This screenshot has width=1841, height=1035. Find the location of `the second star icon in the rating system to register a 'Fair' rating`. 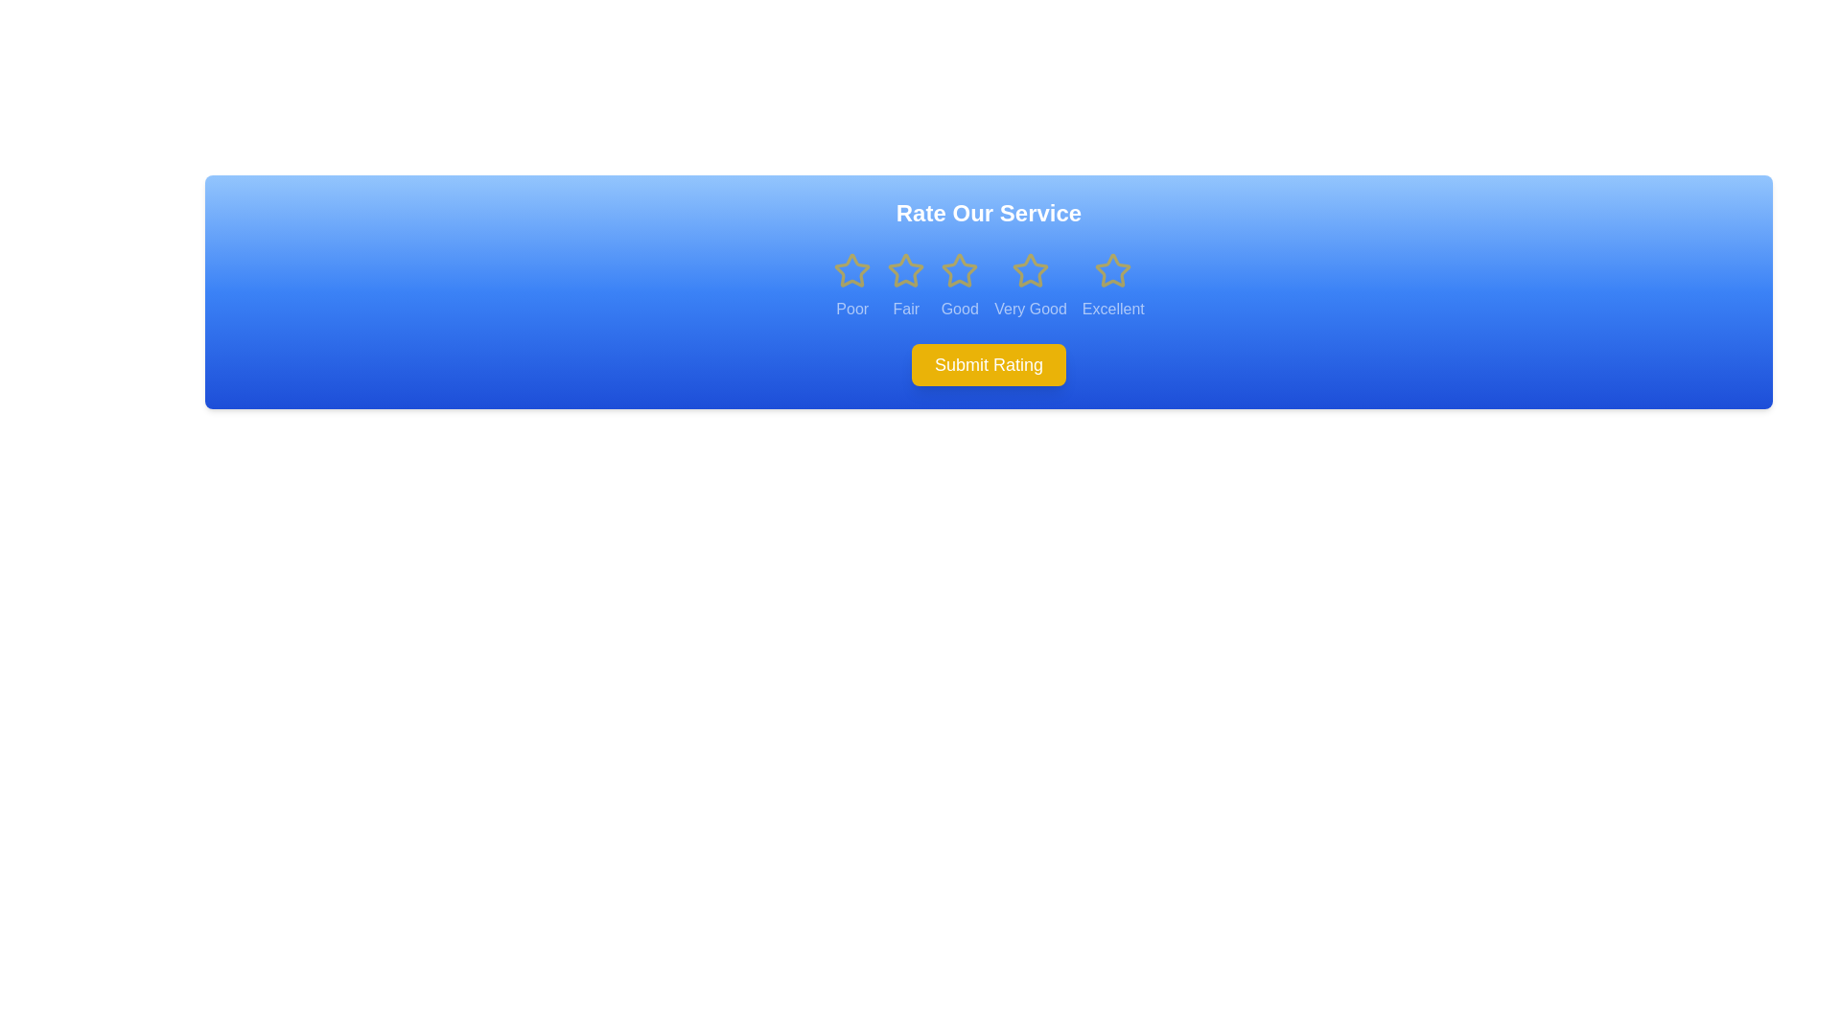

the second star icon in the rating system to register a 'Fair' rating is located at coordinates (905, 270).